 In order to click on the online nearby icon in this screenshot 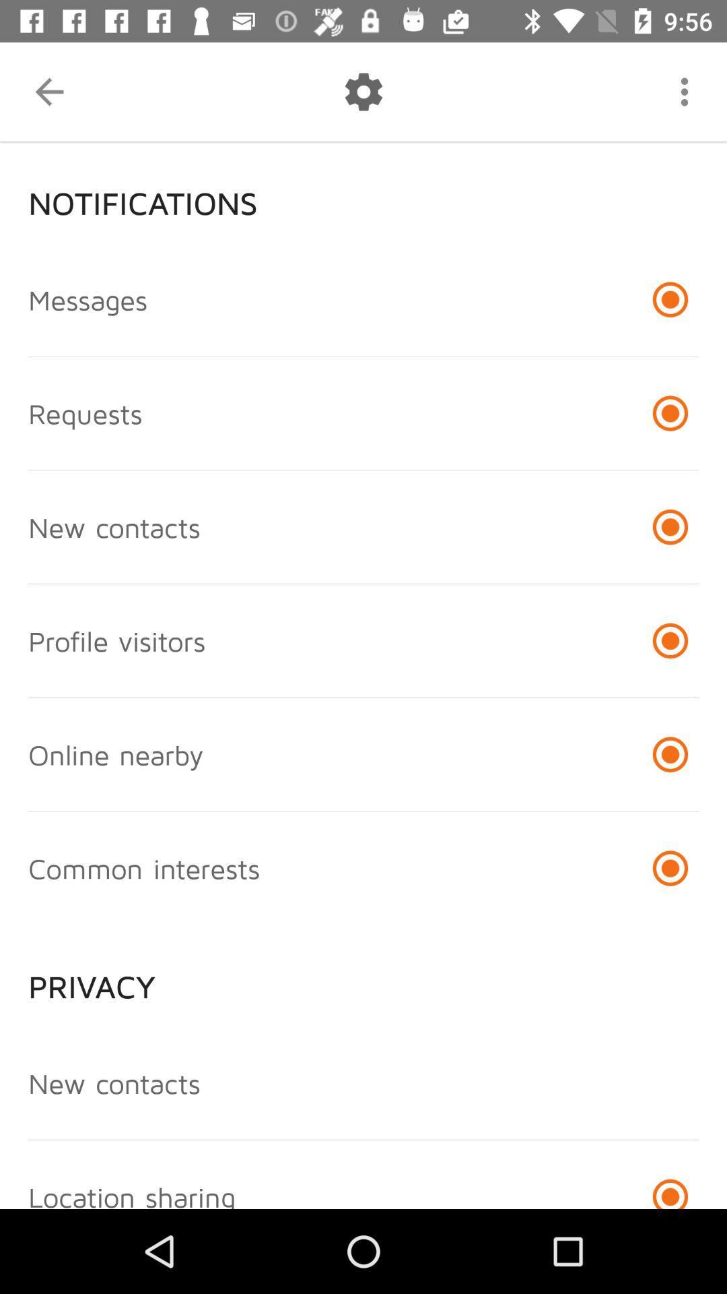, I will do `click(115, 753)`.